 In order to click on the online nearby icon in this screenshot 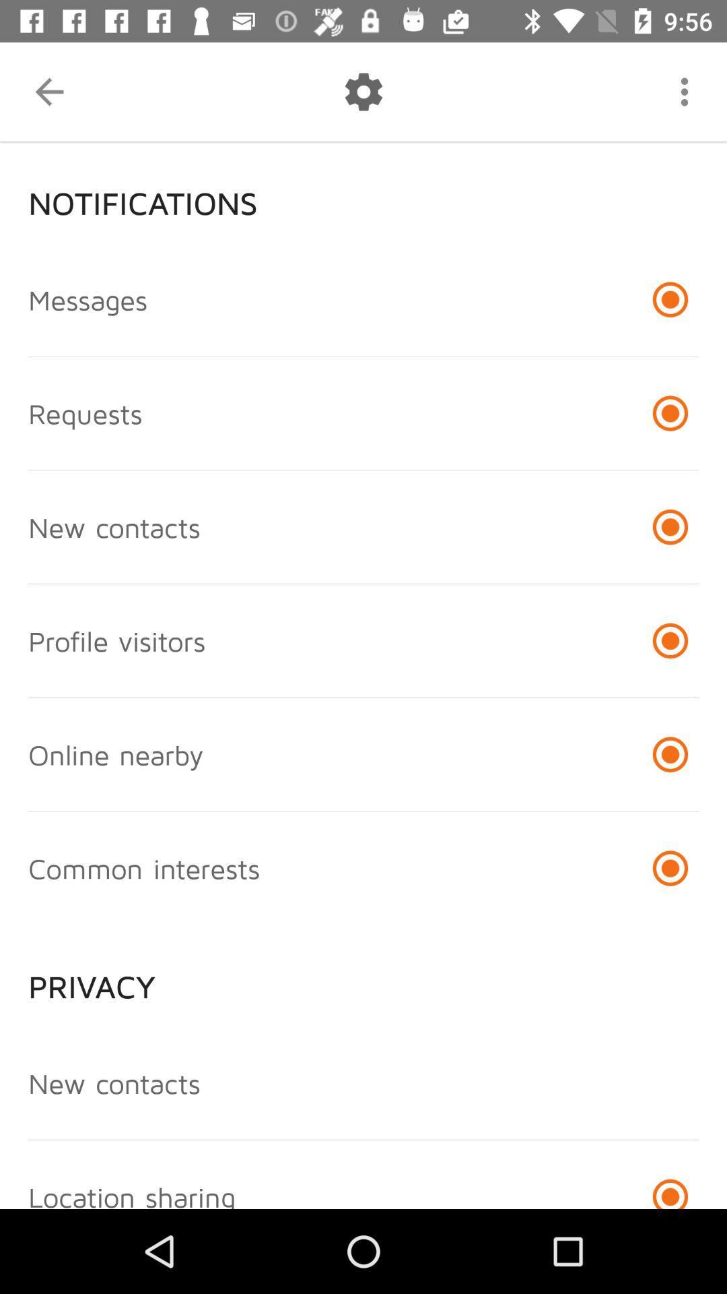, I will do `click(115, 753)`.